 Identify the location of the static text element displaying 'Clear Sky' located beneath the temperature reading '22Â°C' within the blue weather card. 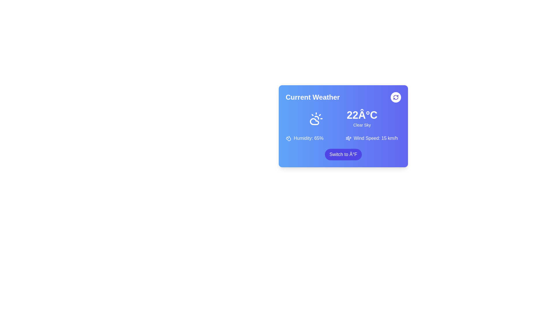
(362, 125).